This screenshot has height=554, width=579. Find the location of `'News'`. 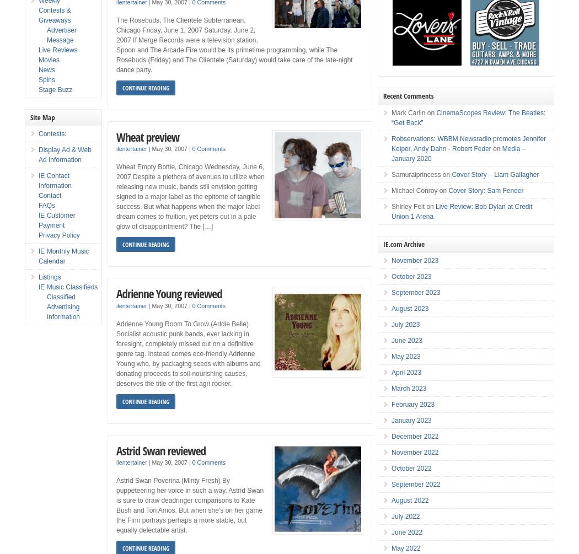

'News' is located at coordinates (47, 69).